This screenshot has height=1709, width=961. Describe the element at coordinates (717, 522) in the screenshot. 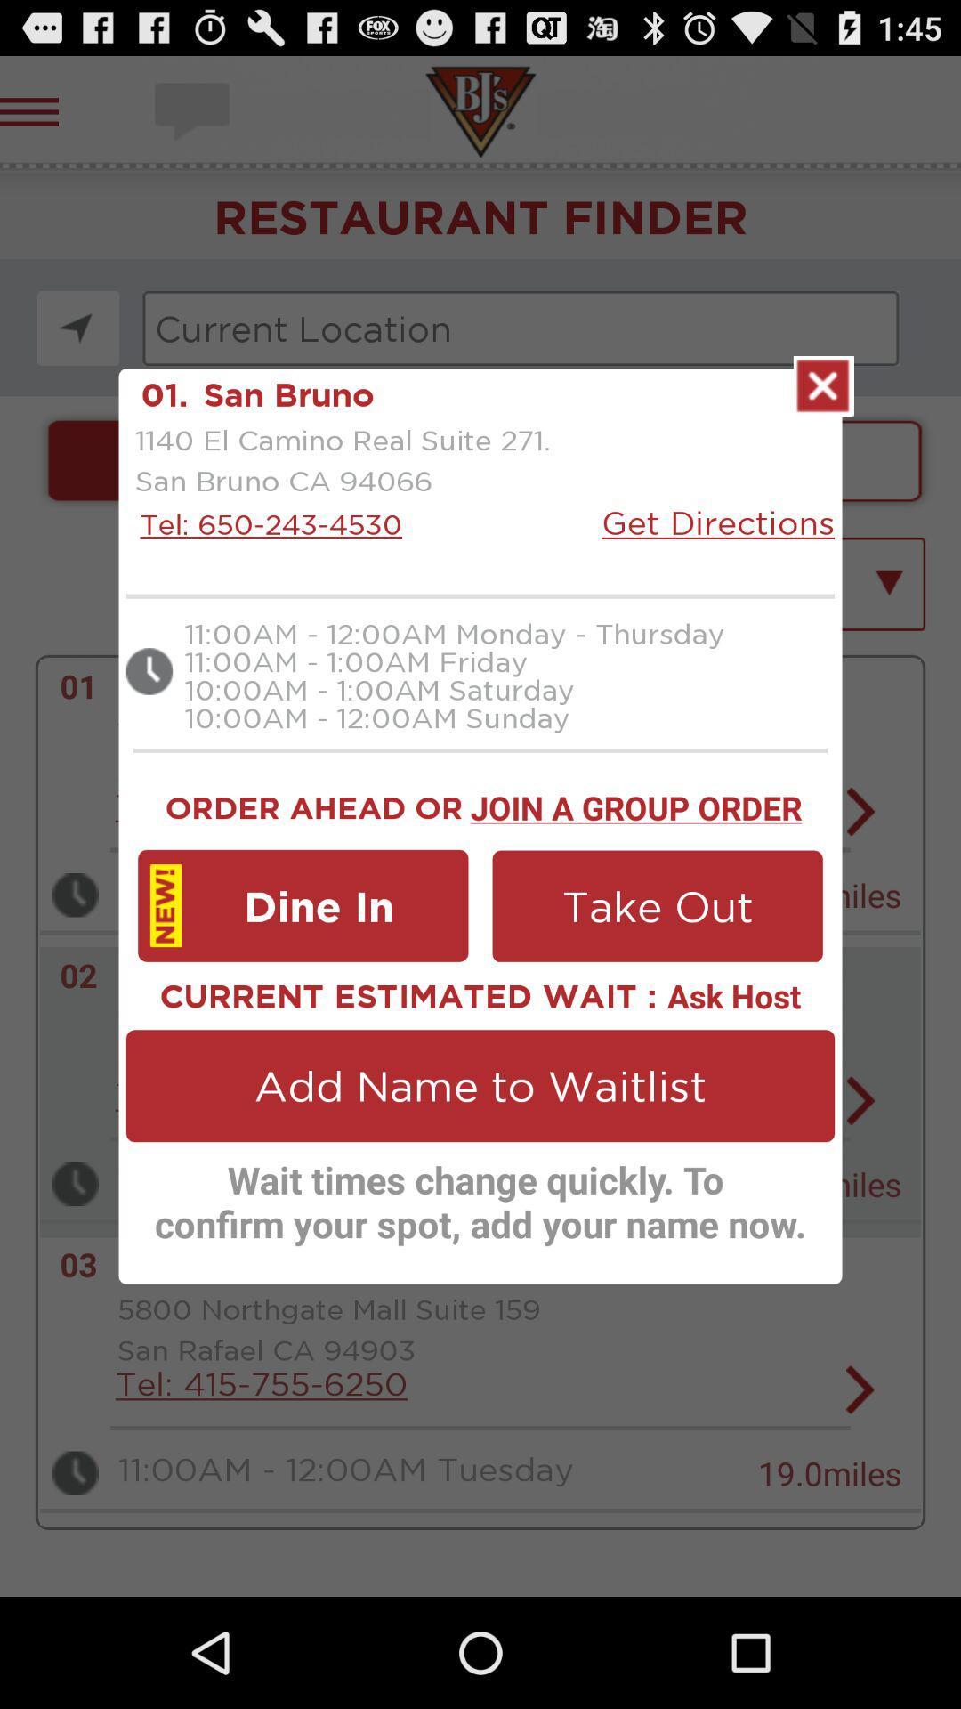

I see `the icon next to the 1140 el camino app` at that location.